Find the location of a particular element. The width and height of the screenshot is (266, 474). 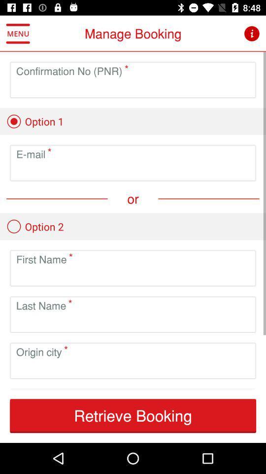

the retrieve booking is located at coordinates (133, 415).